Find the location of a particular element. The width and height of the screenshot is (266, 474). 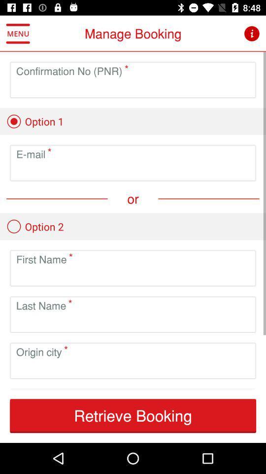

the retrieve booking is located at coordinates (133, 415).